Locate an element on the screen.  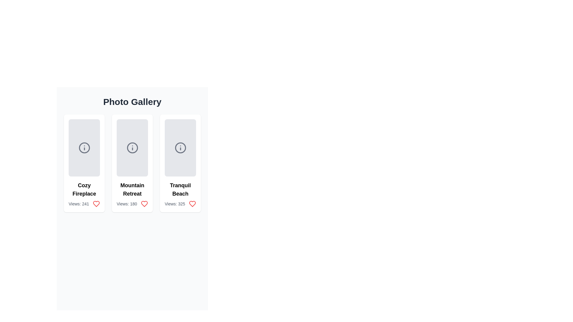
the circular information icon with a light gray border and a central dark gray 'i' symbol, which is located in the third card of a horizontal row displaying photos is located at coordinates (180, 148).